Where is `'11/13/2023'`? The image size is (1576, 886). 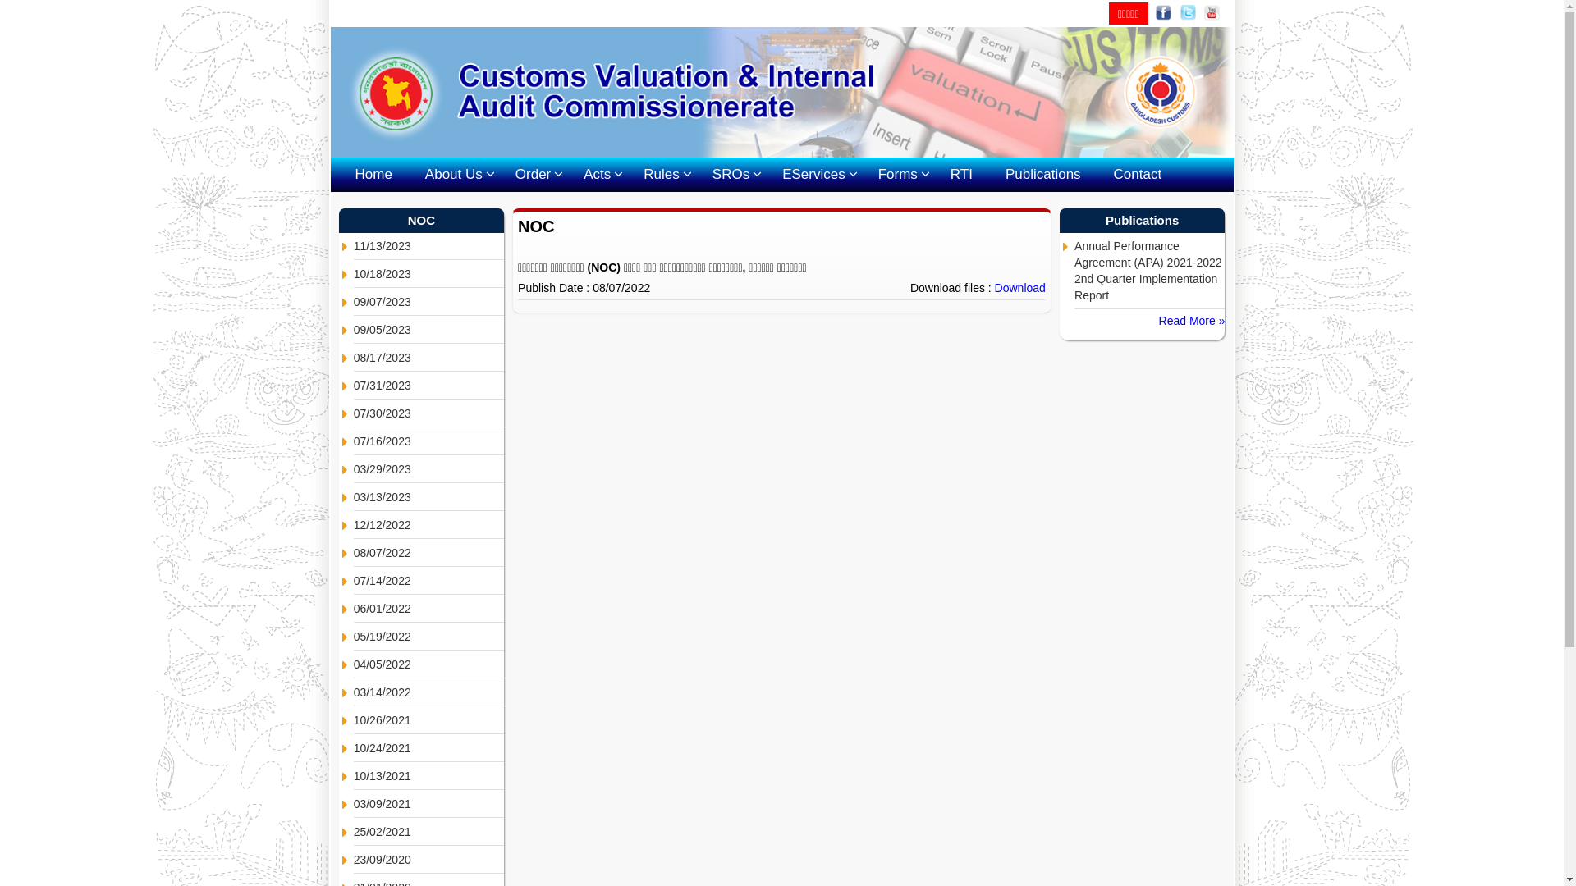 '11/13/2023' is located at coordinates (428, 246).